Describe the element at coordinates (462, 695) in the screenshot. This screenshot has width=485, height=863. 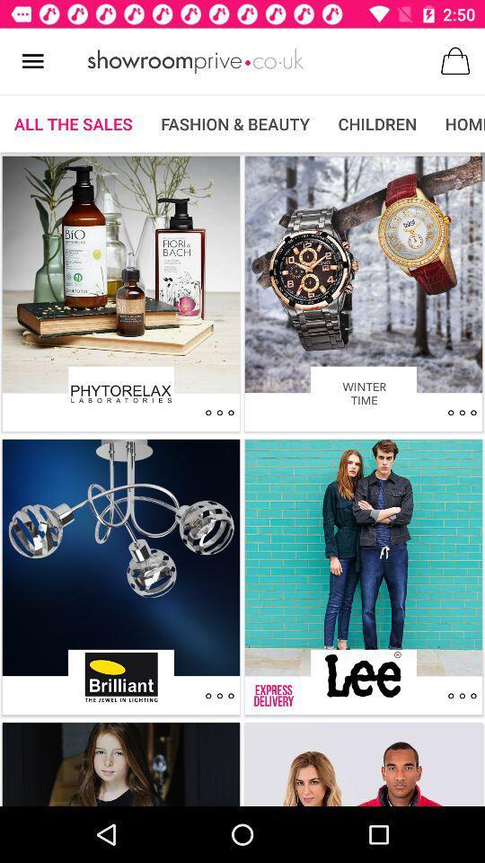
I see `other options` at that location.